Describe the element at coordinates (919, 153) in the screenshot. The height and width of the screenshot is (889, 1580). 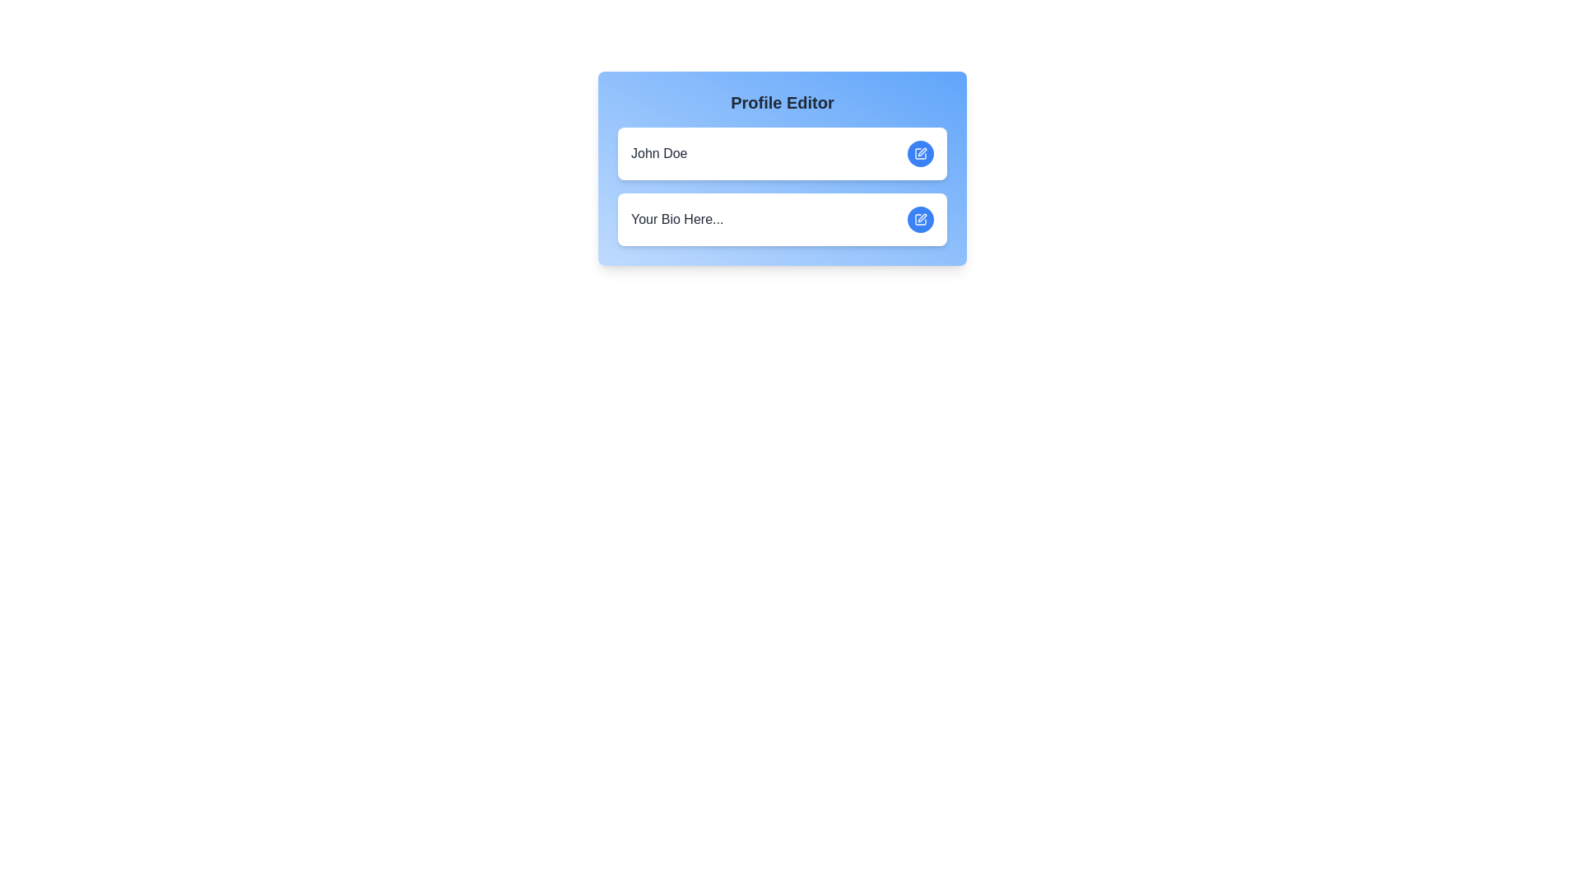
I see `the edit icon button located within a circular button next to the text field containing 'John Doe' to initiate the profile name editing process` at that location.